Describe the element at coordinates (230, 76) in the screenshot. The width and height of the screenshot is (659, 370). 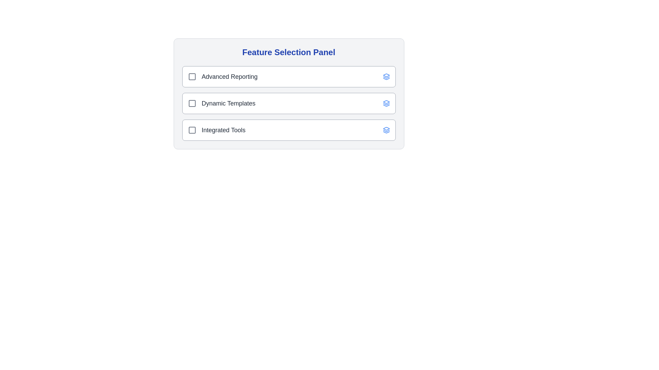
I see `the 'Advanced Reporting' text label, which describes the feature in the Feature Selection Panel, positioned right-aligned next to its corresponding checkbox` at that location.